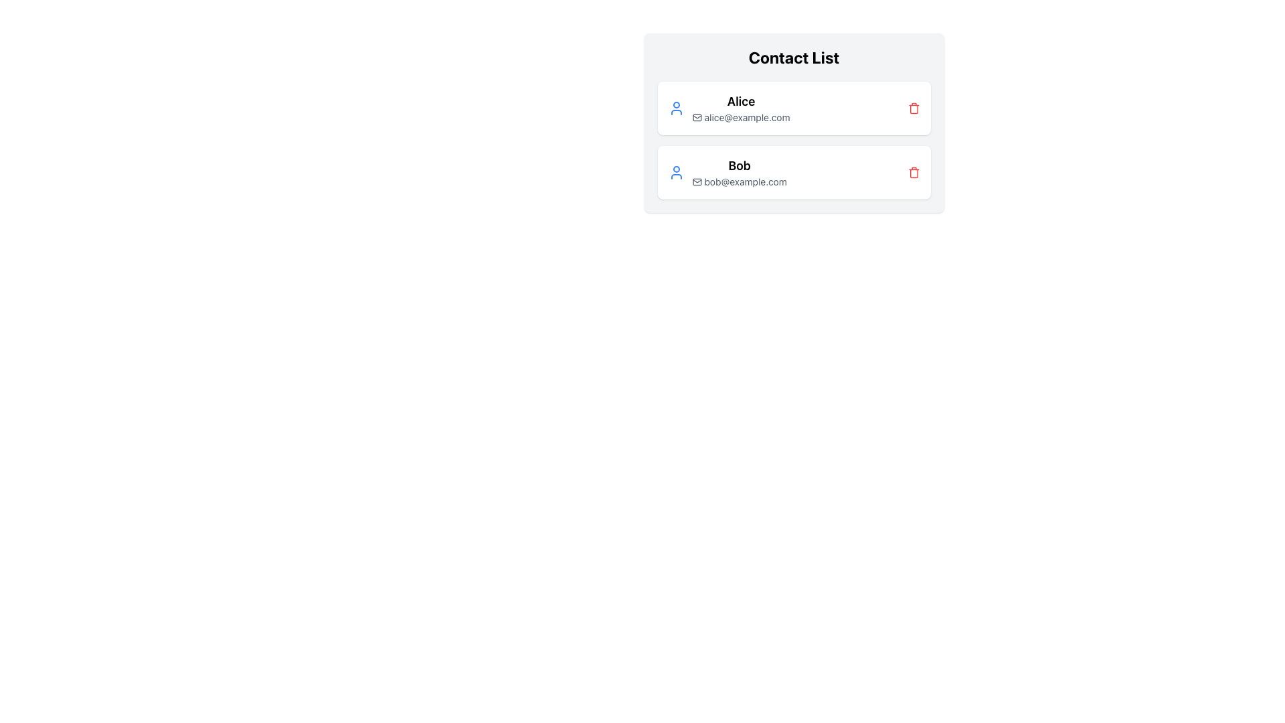 This screenshot has height=723, width=1285. I want to click on the trash bin icon button located to the right of 'alice@example.com', so click(913, 108).